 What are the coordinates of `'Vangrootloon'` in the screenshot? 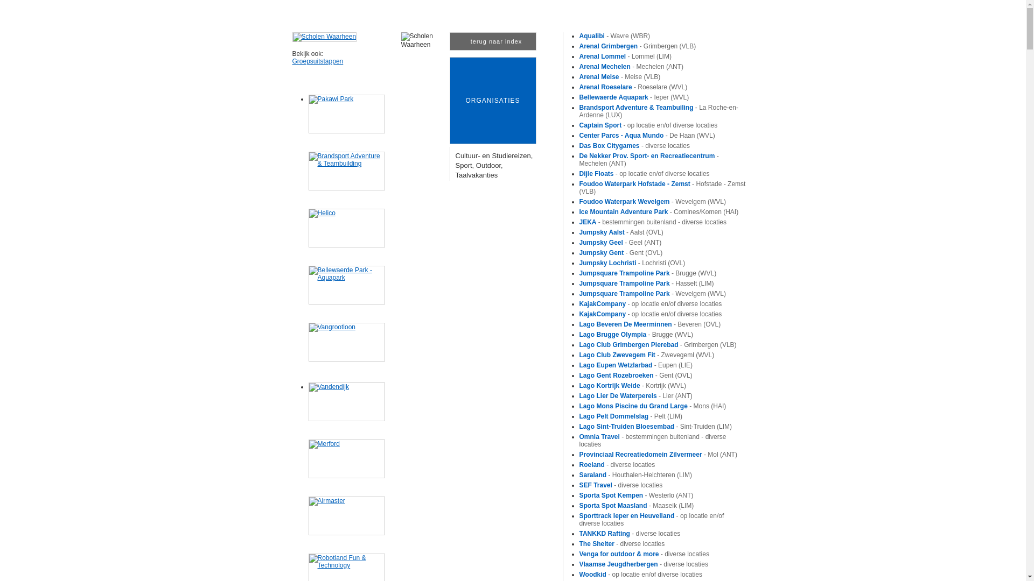 It's located at (346, 342).